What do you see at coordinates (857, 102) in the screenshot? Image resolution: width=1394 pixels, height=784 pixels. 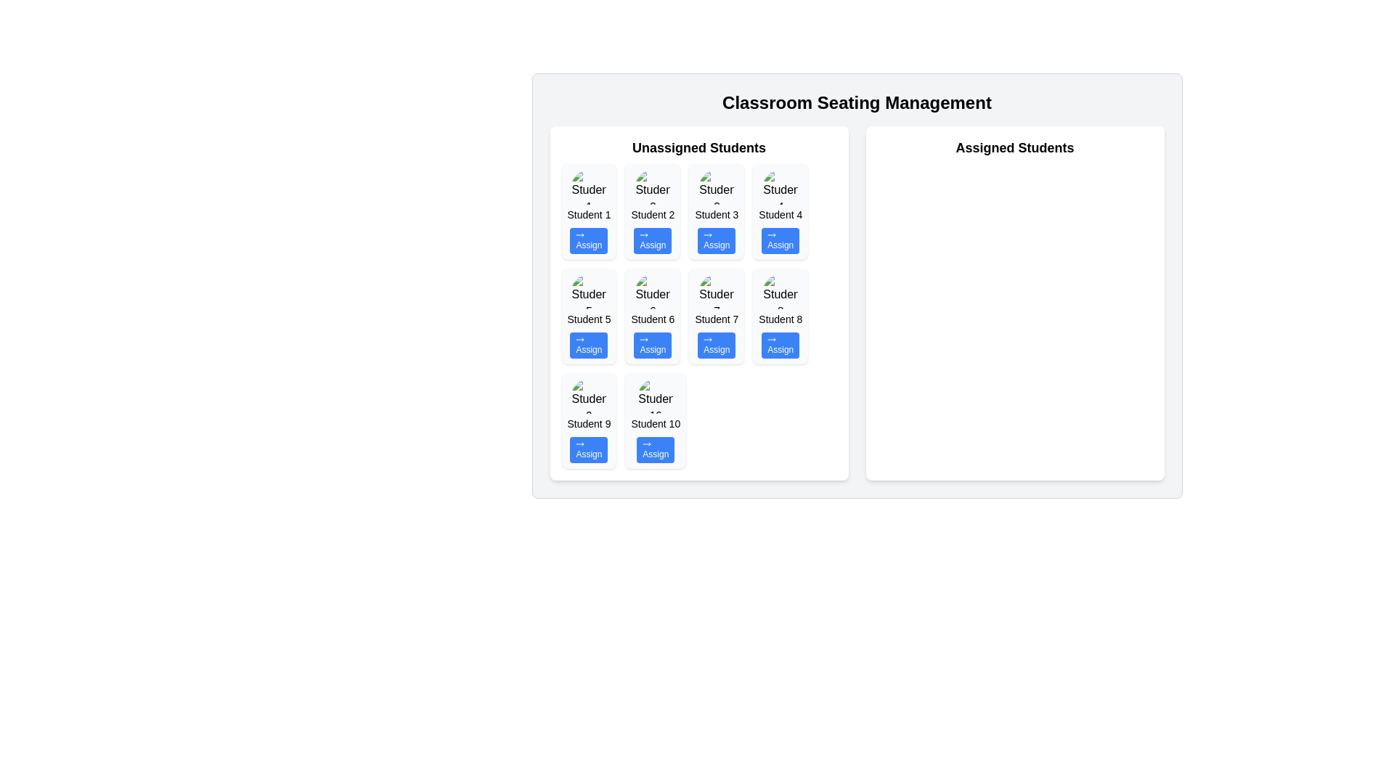 I see `the heading element that serves as the title for the classroom seating management interface, positioned at the top-center of the card` at bounding box center [857, 102].